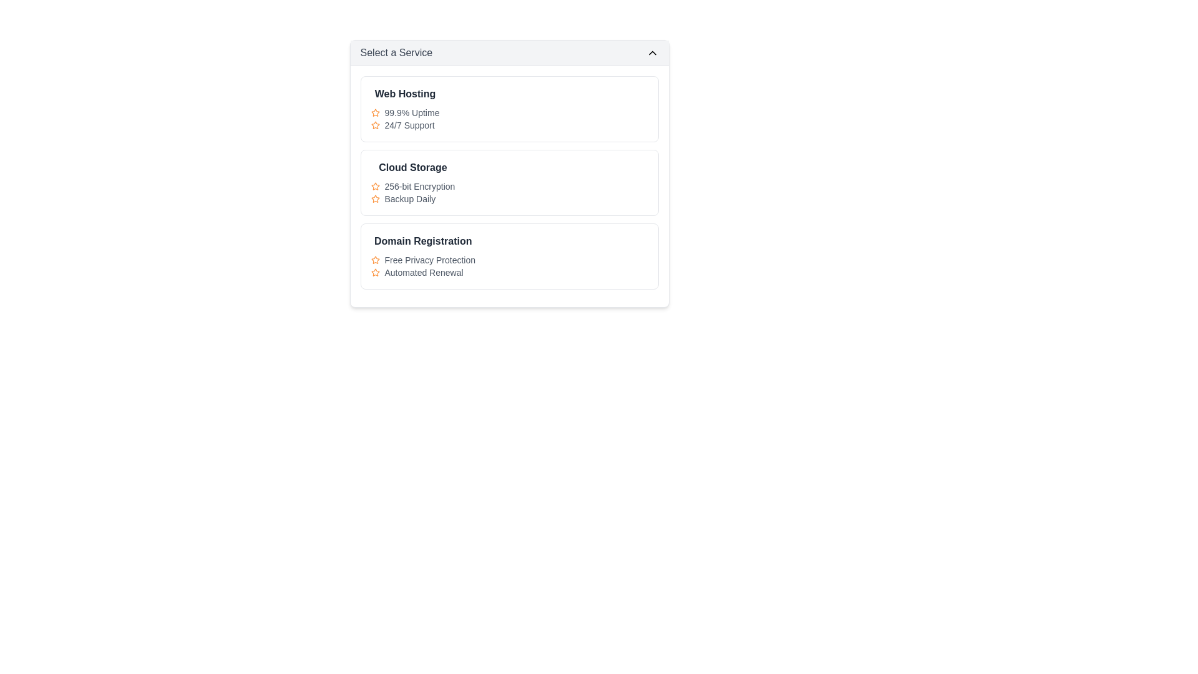  What do you see at coordinates (405, 113) in the screenshot?
I see `the informational text indicating the uptime guarantee for the 'Web Hosting' service, which is the first feature listed under 'Web Hosting'` at bounding box center [405, 113].